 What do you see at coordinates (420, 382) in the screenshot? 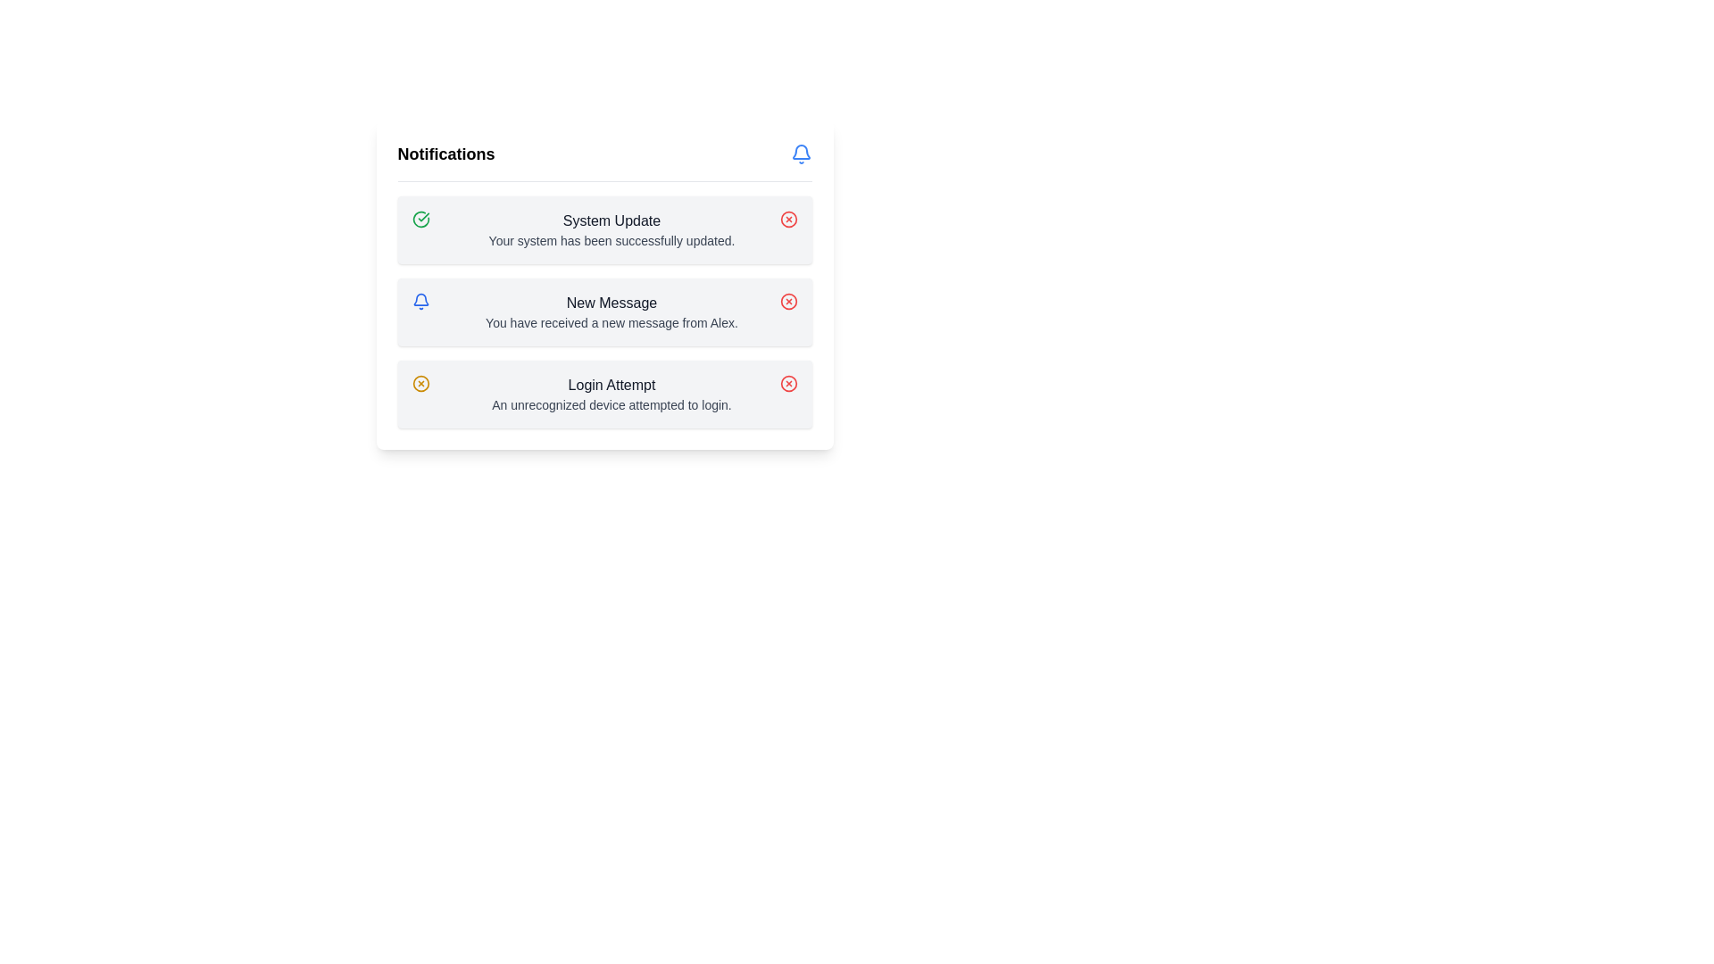
I see `the circular icon with a stylized 'X' mark, which has a yellow outline and is located adjacent to the text 'Login Attempt' in the third notification card` at bounding box center [420, 382].